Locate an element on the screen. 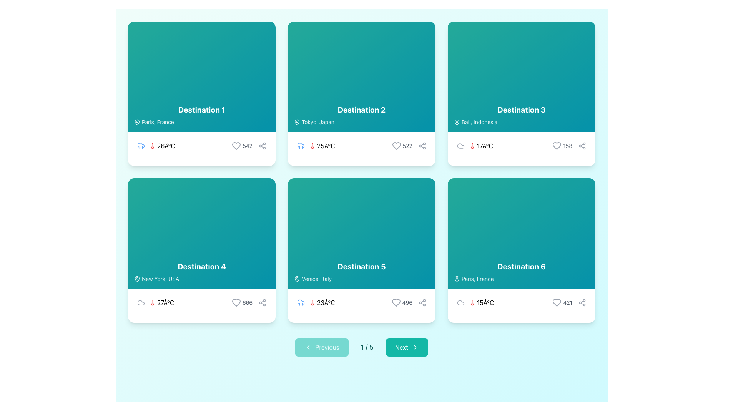 Image resolution: width=738 pixels, height=415 pixels. the heart icon in the bottom-right corner of the card for 'Destination 1' to register a like for this destination is located at coordinates (242, 146).